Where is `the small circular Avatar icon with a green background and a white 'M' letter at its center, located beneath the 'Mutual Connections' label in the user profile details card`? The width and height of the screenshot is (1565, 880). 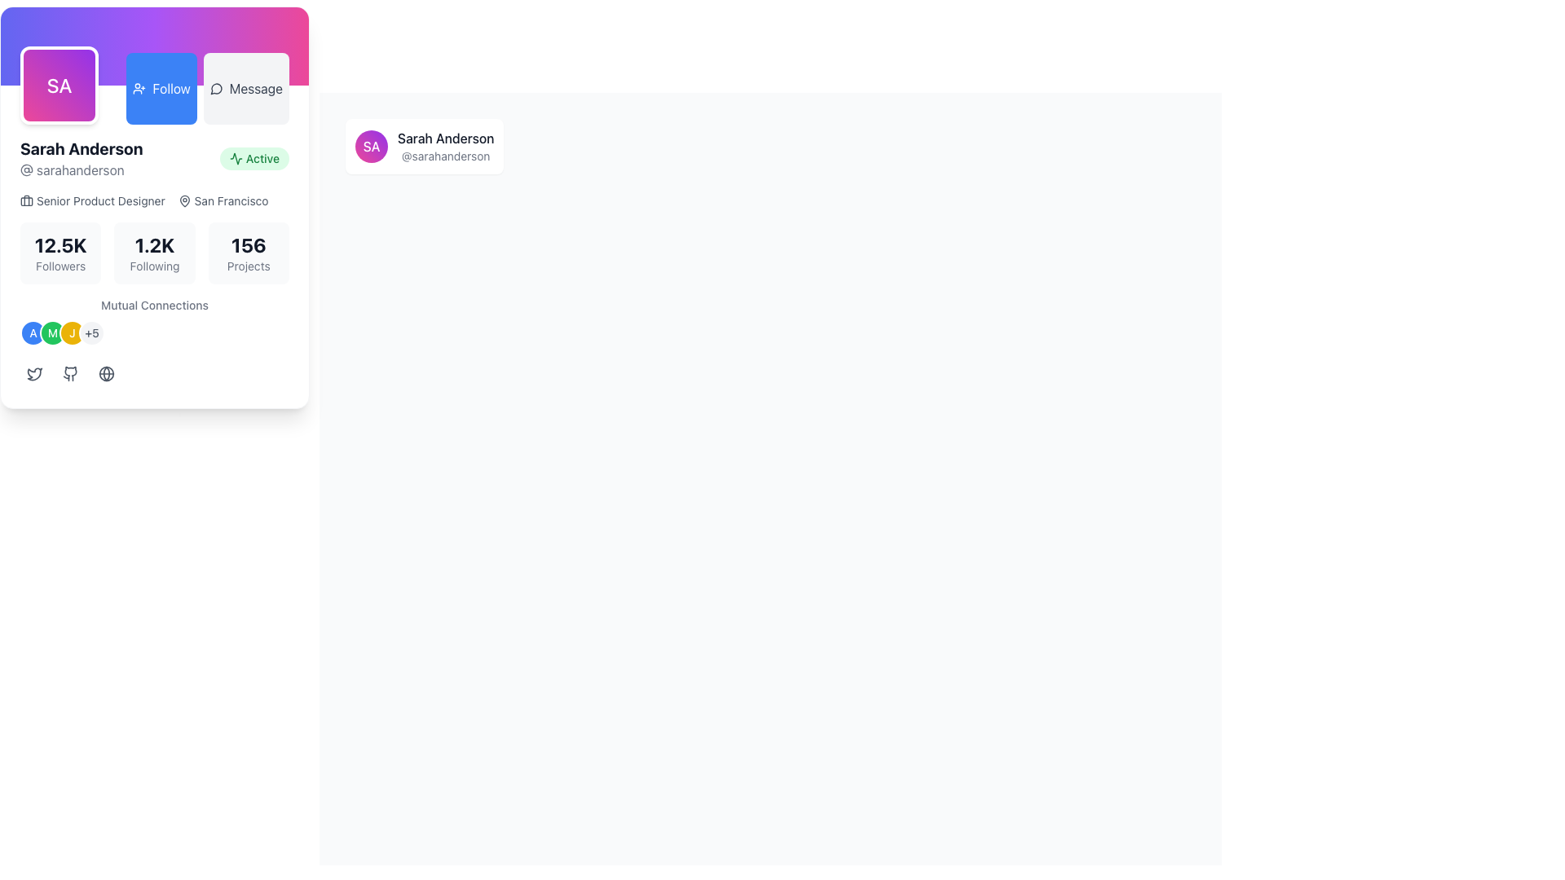 the small circular Avatar icon with a green background and a white 'M' letter at its center, located beneath the 'Mutual Connections' label in the user profile details card is located at coordinates (53, 332).